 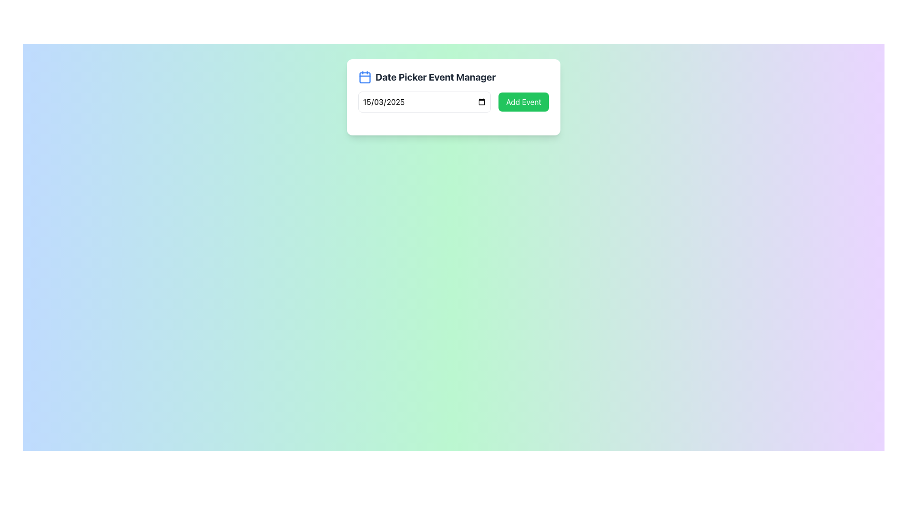 What do you see at coordinates (453, 92) in the screenshot?
I see `the green 'Add Event' button in the date picker manager` at bounding box center [453, 92].